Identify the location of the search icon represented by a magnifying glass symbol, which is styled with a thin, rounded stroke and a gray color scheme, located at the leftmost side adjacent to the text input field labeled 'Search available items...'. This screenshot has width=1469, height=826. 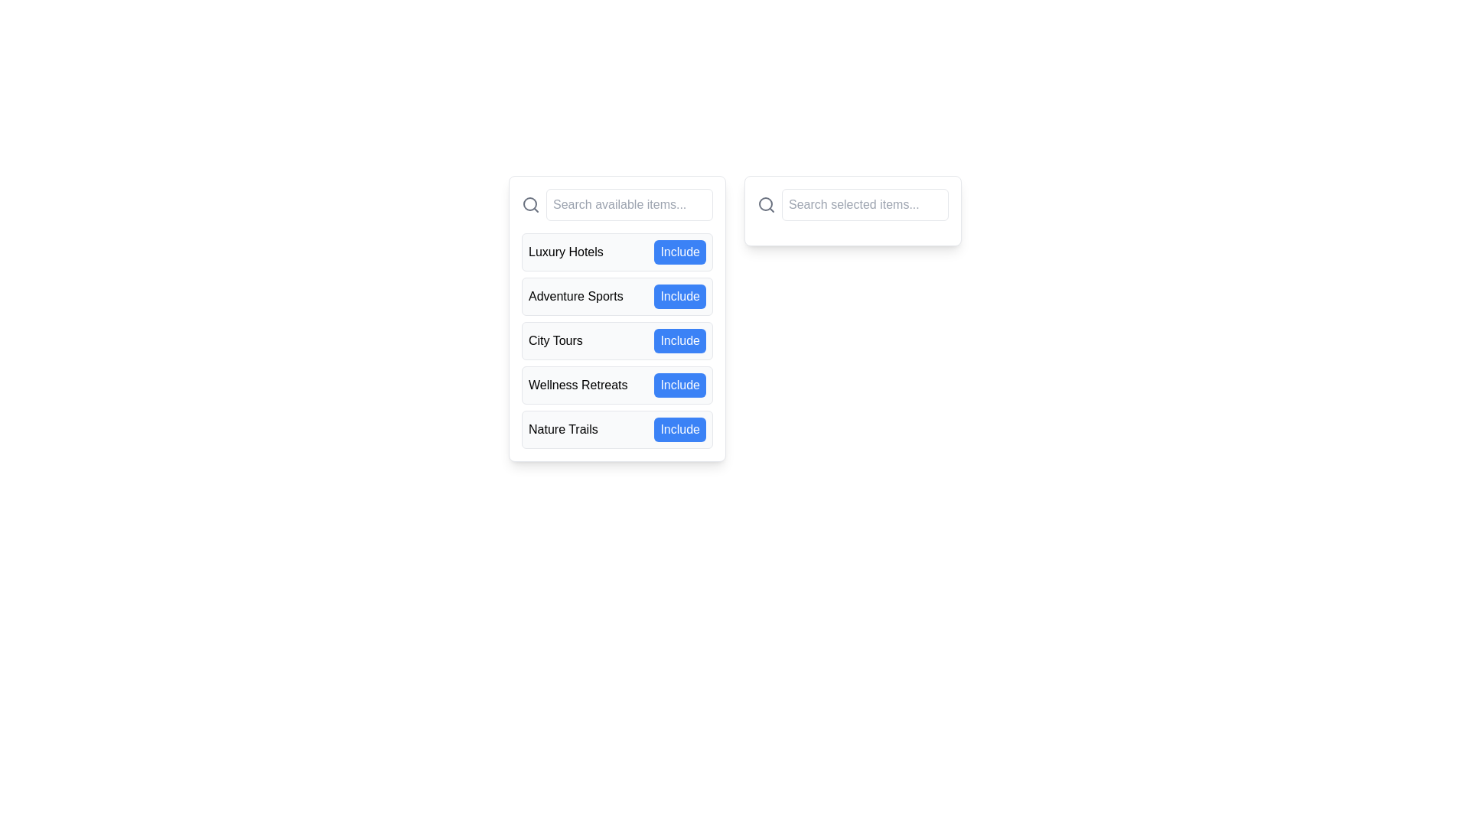
(531, 203).